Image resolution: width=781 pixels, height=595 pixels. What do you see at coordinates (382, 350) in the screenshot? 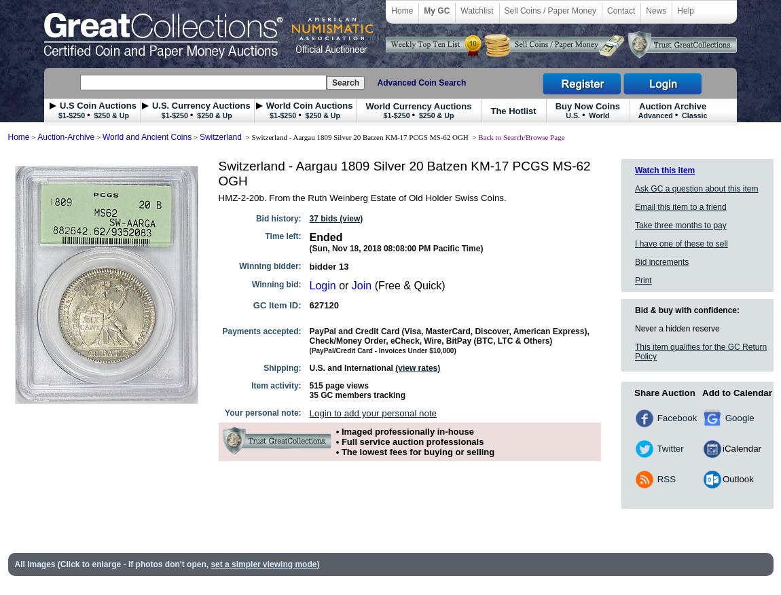
I see `'(PayPal/Credit Card - Invoices Under $10,000)'` at bounding box center [382, 350].